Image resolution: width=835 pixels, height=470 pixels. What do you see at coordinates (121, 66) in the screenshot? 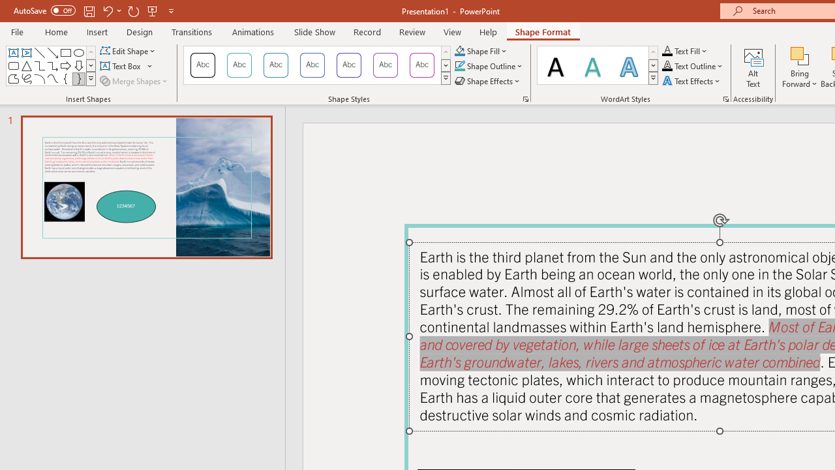
I see `'Draw Horizontal Text Box'` at bounding box center [121, 66].